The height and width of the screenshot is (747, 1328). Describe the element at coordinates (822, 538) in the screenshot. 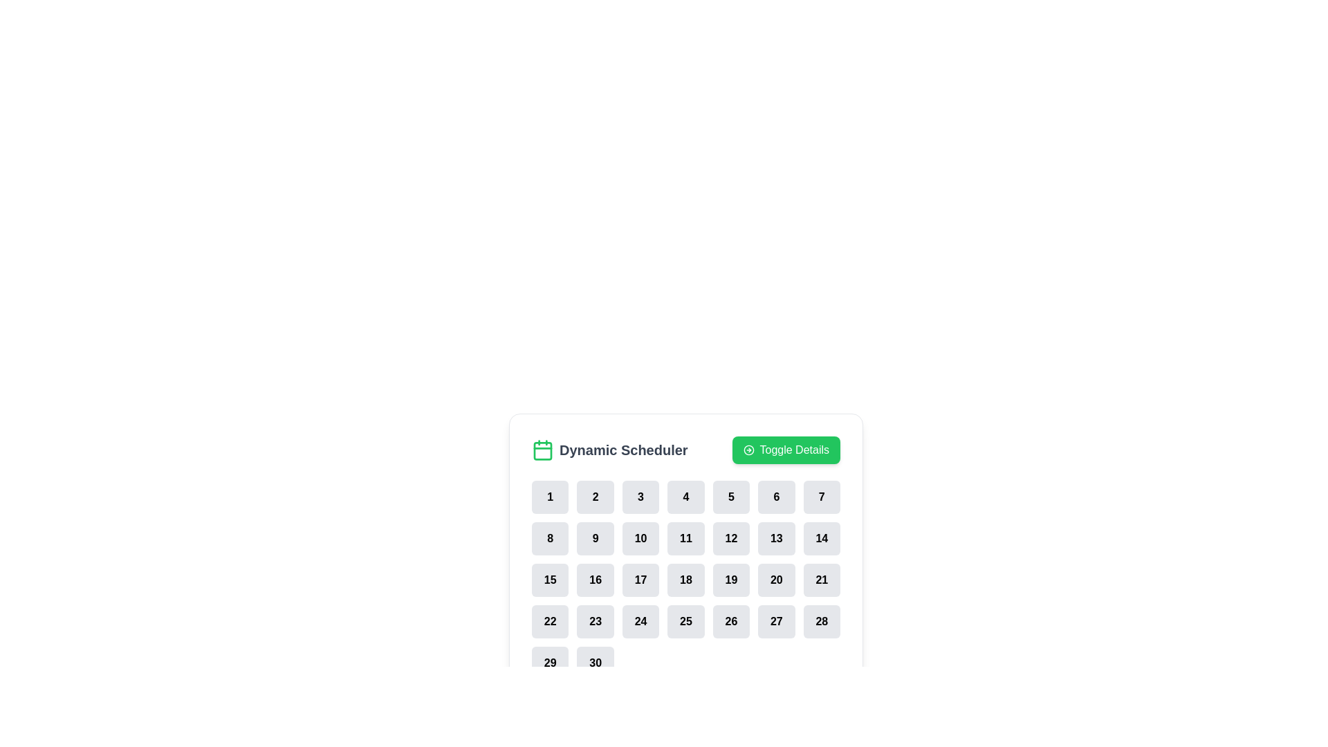

I see `the square-shaped button labeled '14' with a gray background and rounded corners, located` at that location.